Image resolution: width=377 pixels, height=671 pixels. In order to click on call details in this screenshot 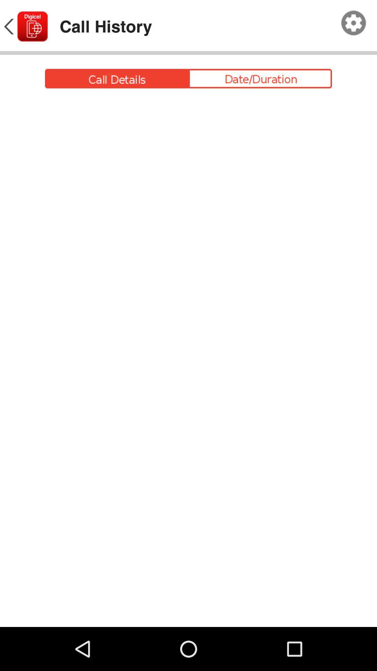, I will do `click(188, 79)`.